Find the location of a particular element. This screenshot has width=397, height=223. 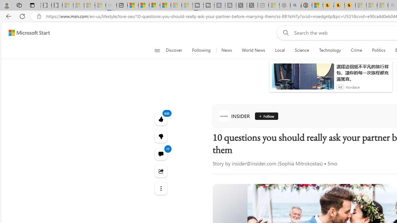

'Nordace - Summer Adventures 2024 - Sleeping' is located at coordinates (285, 5).